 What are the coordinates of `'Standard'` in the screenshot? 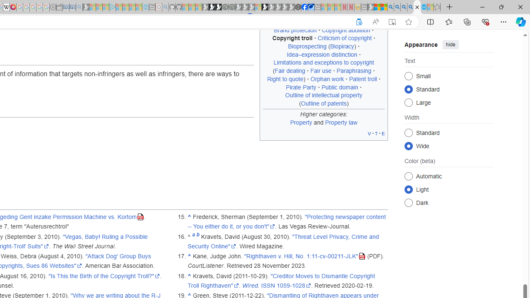 It's located at (408, 132).